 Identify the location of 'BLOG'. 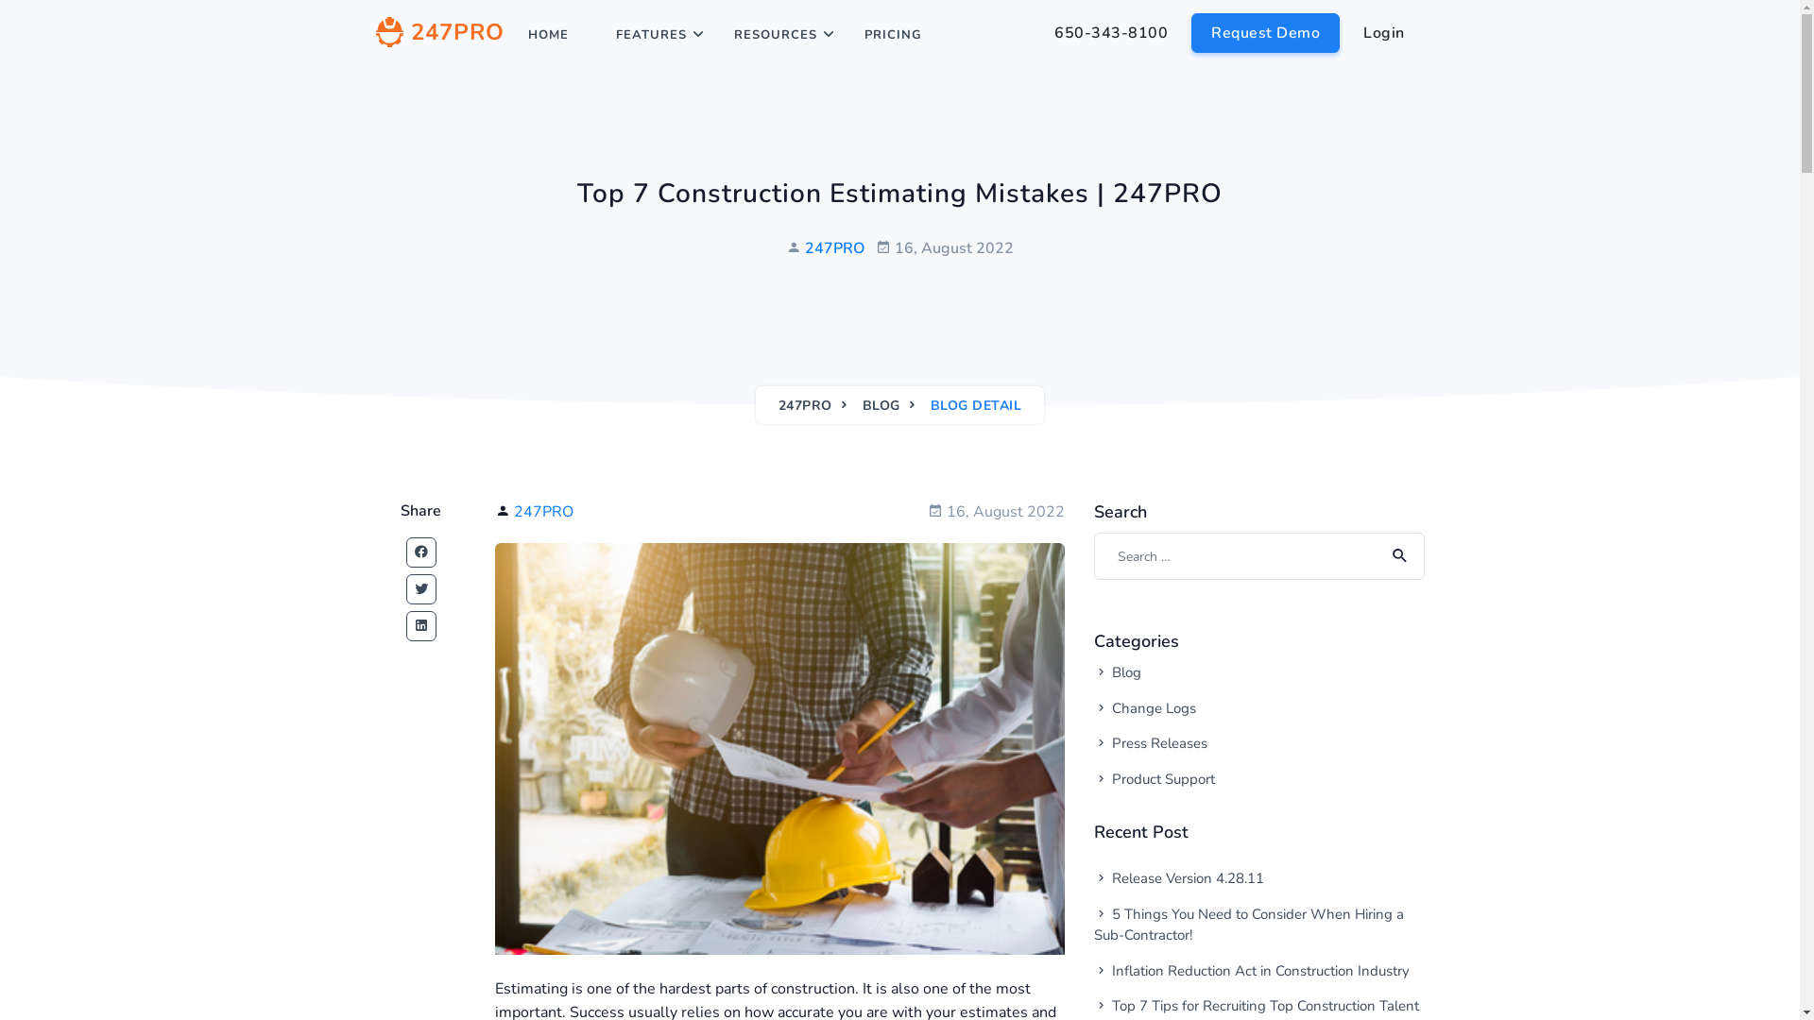
(880, 404).